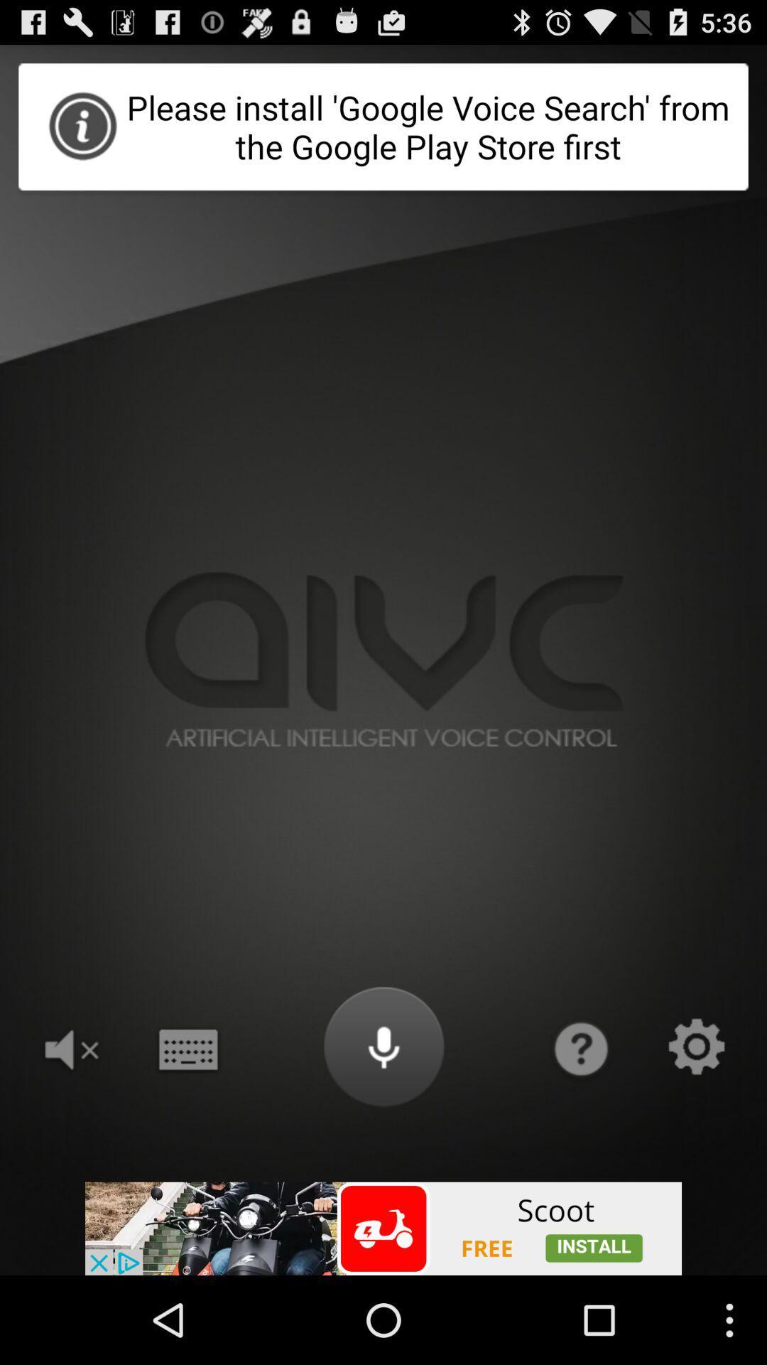  Describe the element at coordinates (580, 1120) in the screenshot. I see `the help icon` at that location.